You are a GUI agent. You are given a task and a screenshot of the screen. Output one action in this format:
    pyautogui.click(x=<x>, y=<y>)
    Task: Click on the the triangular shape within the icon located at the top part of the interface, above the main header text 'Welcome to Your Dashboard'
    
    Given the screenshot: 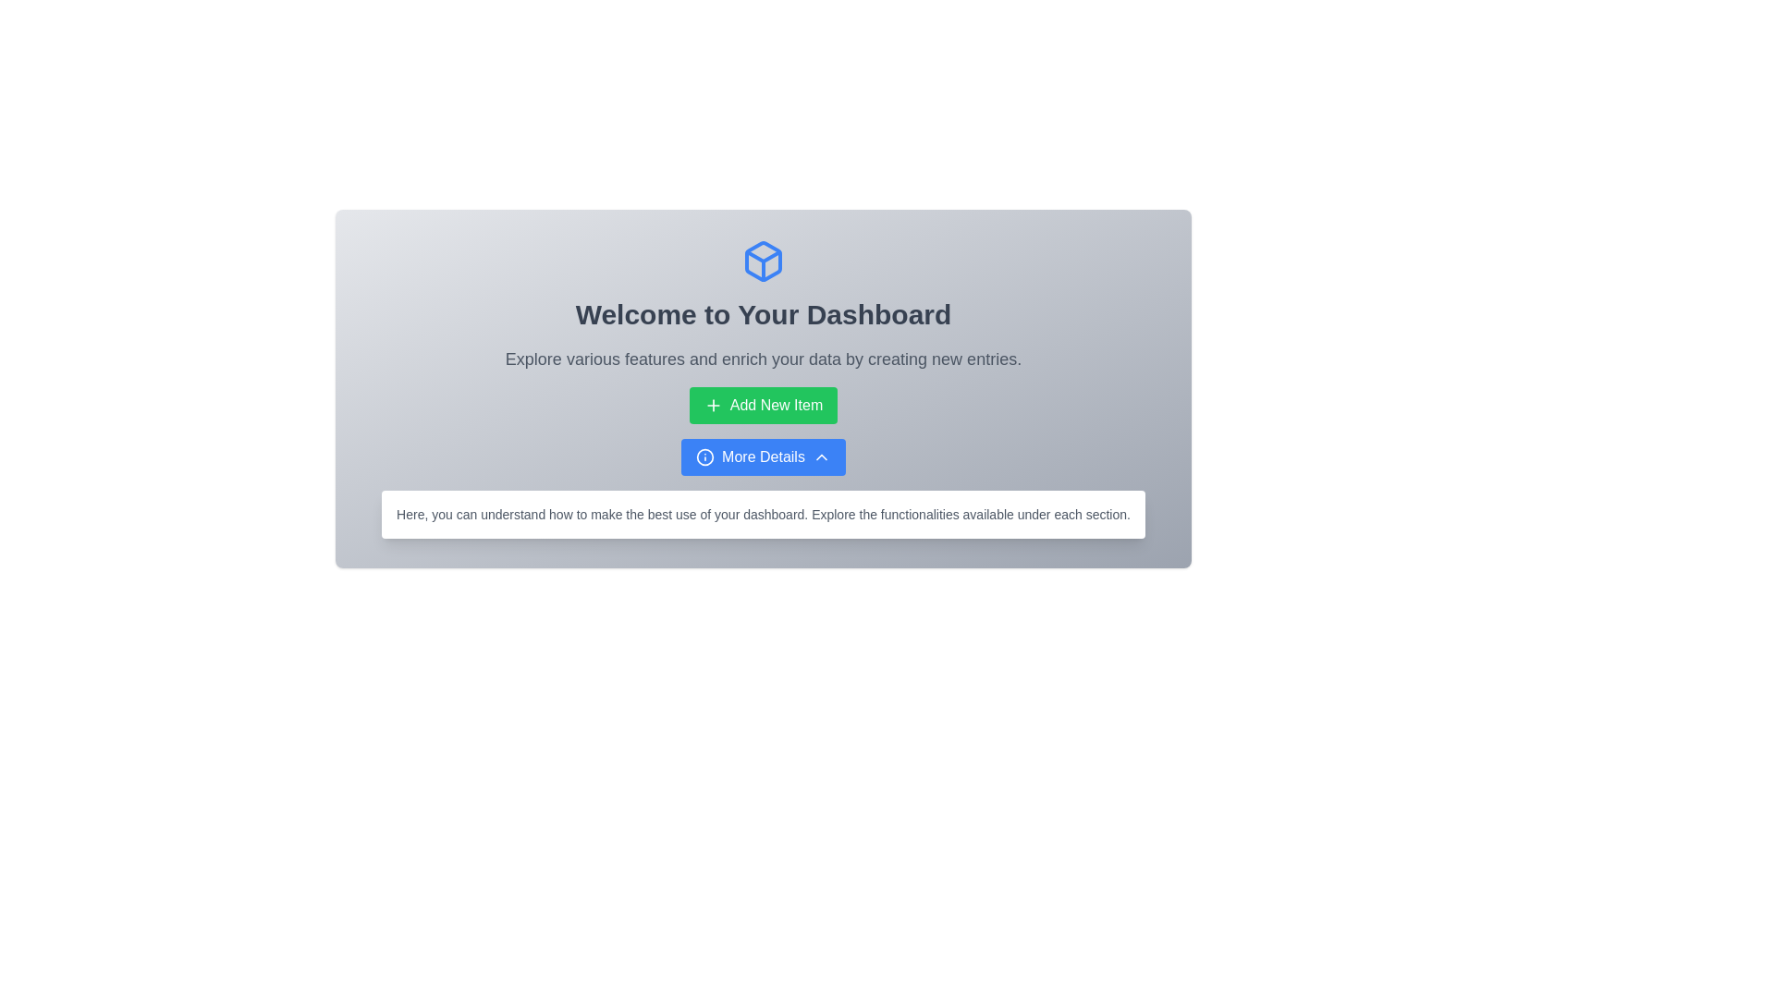 What is the action you would take?
    pyautogui.click(x=763, y=256)
    